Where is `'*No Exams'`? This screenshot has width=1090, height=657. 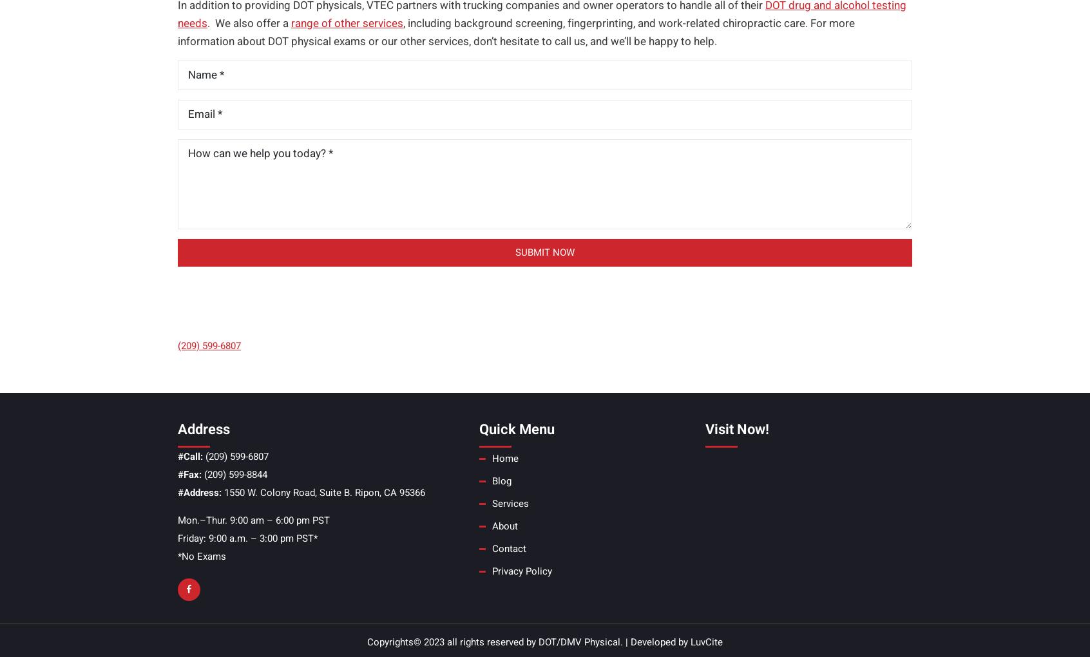 '*No Exams' is located at coordinates (201, 555).